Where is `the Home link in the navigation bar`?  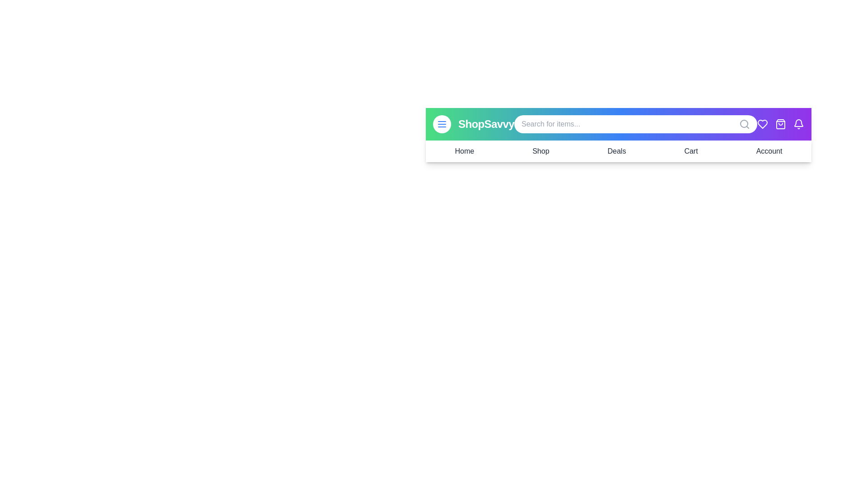
the Home link in the navigation bar is located at coordinates (464, 151).